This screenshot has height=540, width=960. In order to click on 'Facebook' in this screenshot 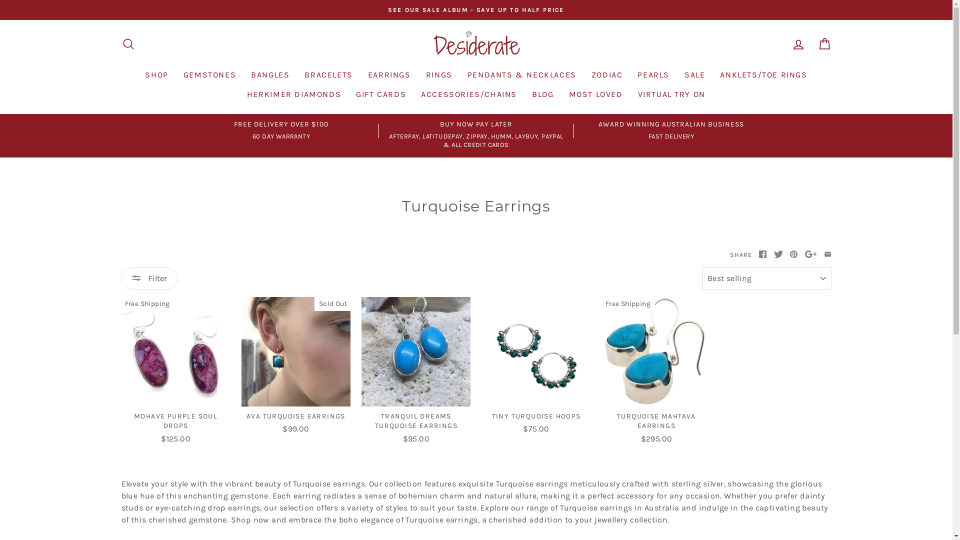, I will do `click(762, 254)`.